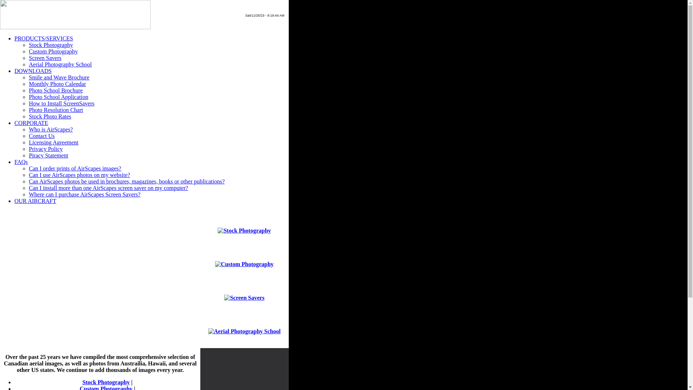 The image size is (693, 390). Describe the element at coordinates (44, 57) in the screenshot. I see `'Screen Savers'` at that location.